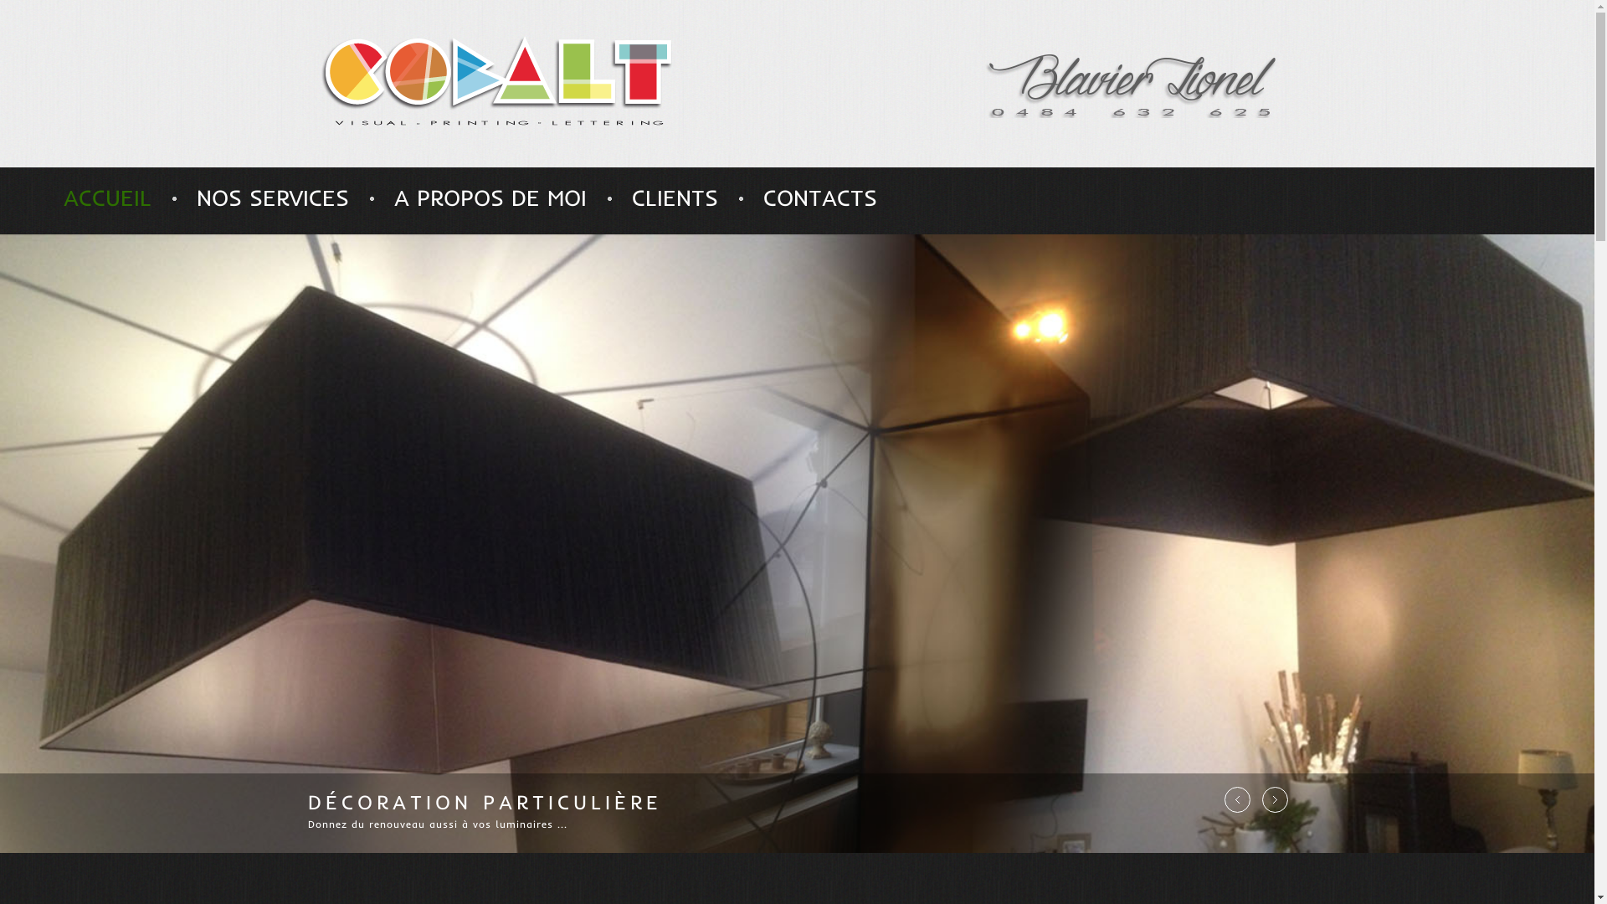  I want to click on 'CONTACTS', so click(819, 197).